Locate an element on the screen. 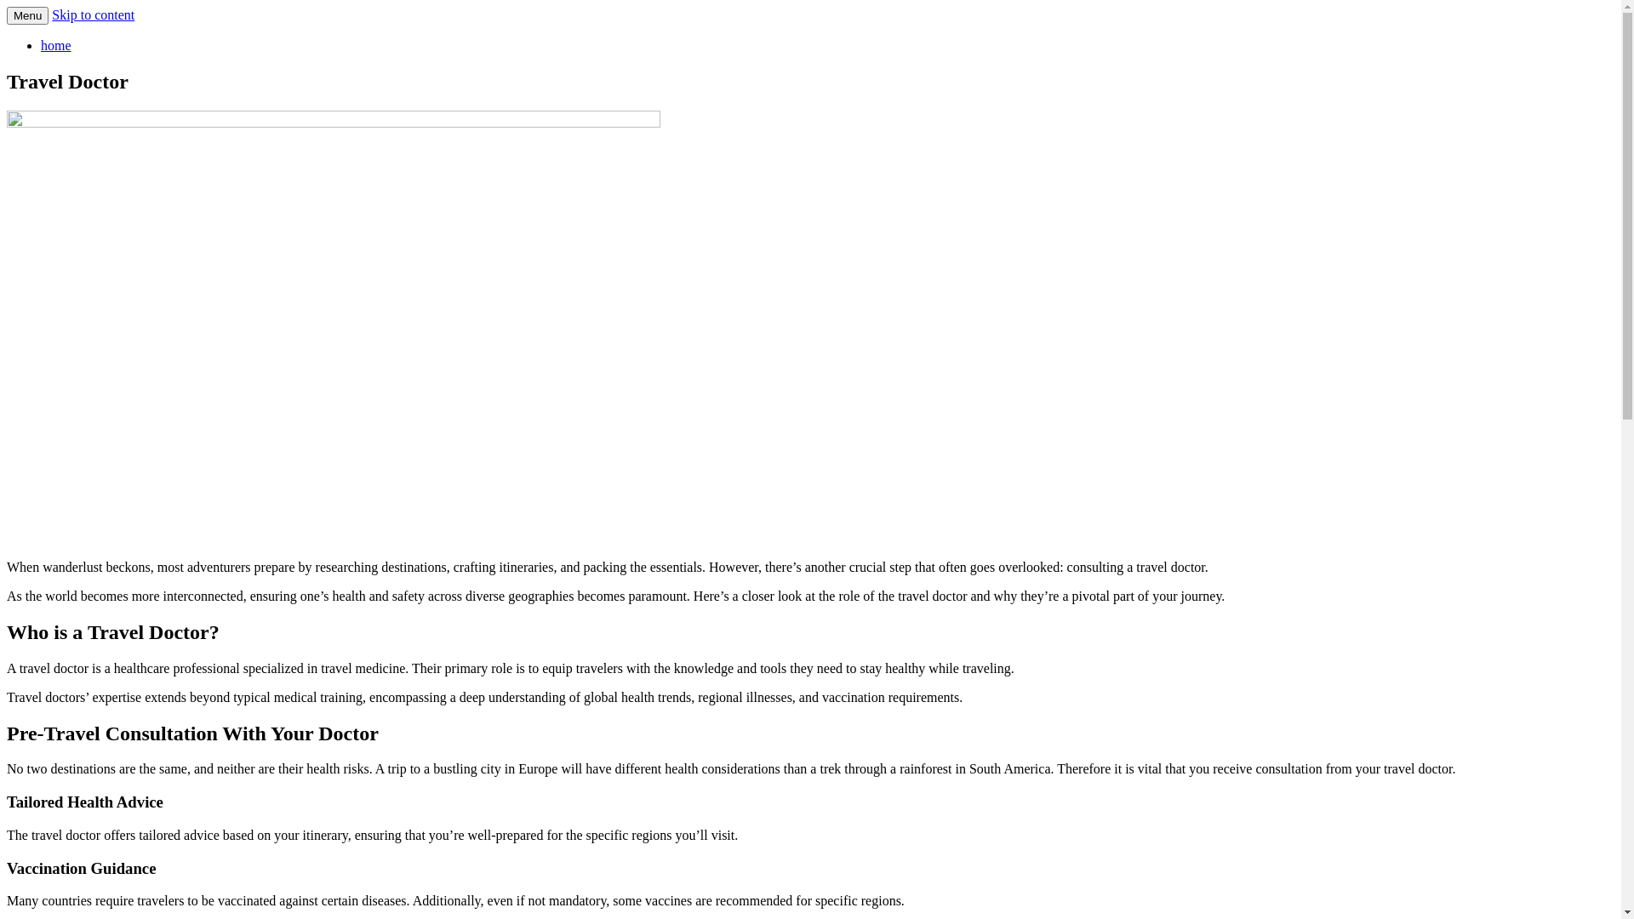  'Menu' is located at coordinates (27, 15).